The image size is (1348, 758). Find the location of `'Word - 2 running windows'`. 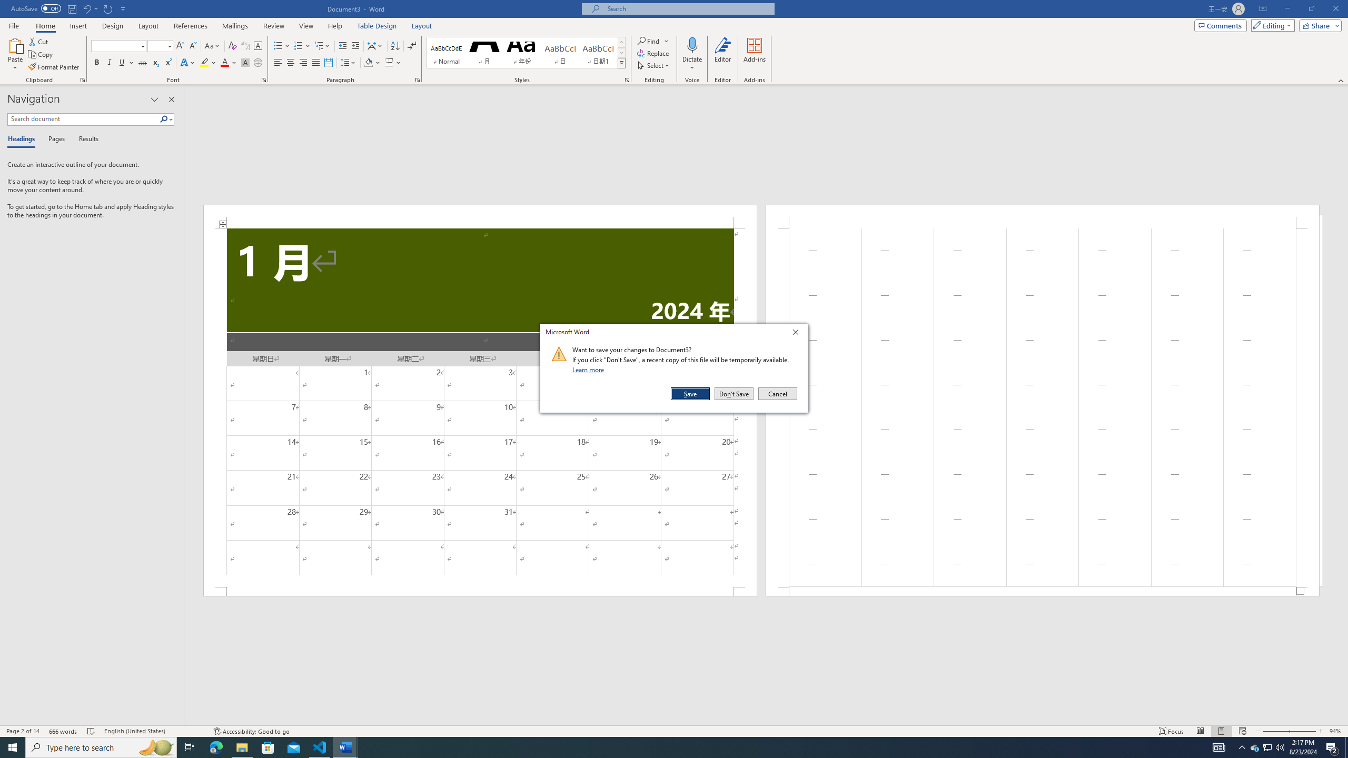

'Word - 2 running windows' is located at coordinates (345, 746).